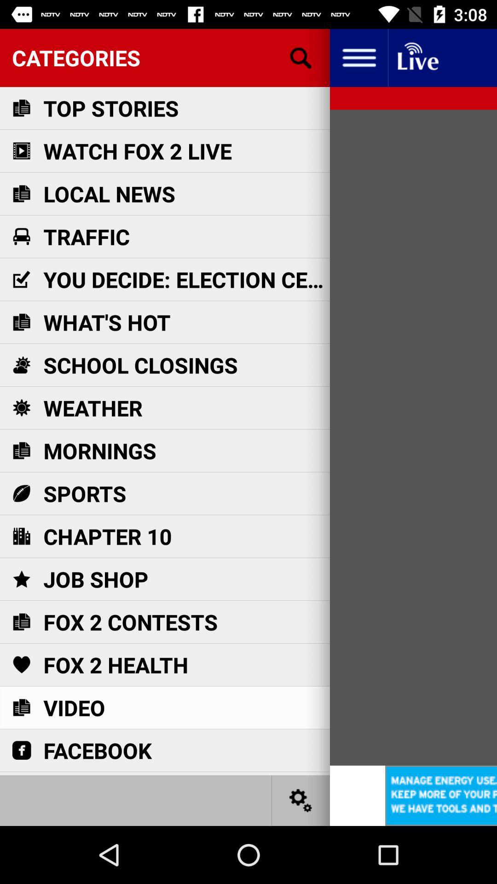 The width and height of the screenshot is (497, 884). I want to click on the settings icon, so click(301, 800).